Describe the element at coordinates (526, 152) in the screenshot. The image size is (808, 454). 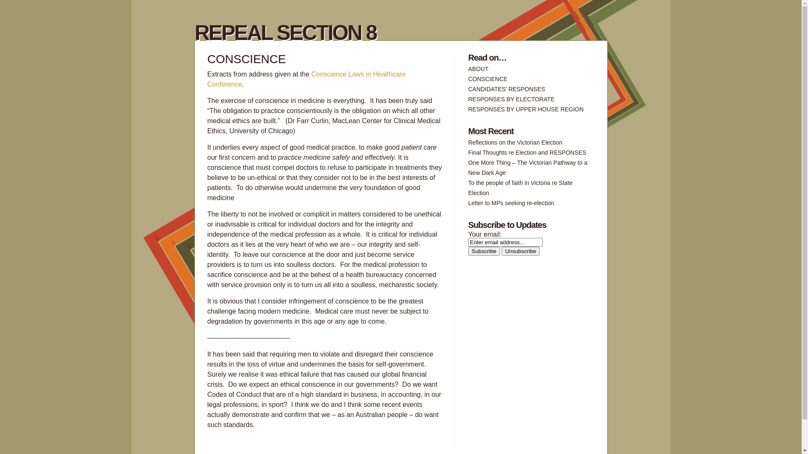
I see `'Final Thoughts re Election and RESPONSES'` at that location.